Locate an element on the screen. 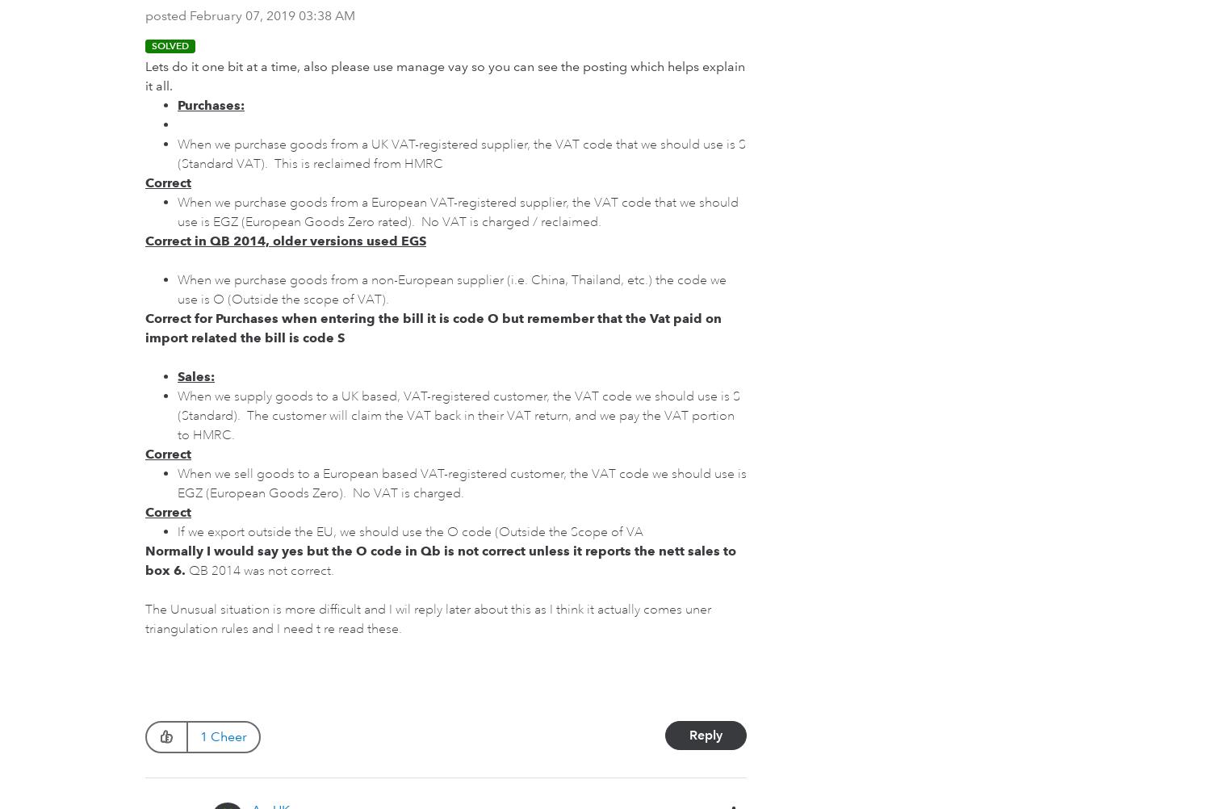  'Correct for Purchases when entering the bill it is code O but remember that the Vat paid on import related the bill is code S' is located at coordinates (433, 328).